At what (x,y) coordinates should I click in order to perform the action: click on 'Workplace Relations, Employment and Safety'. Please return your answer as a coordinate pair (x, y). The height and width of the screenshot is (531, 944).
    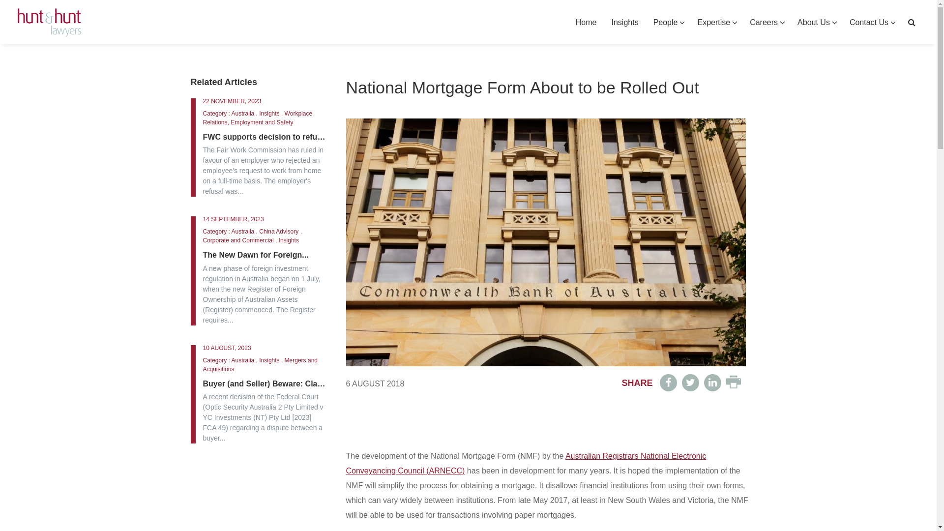
    Looking at the image, I should click on (257, 117).